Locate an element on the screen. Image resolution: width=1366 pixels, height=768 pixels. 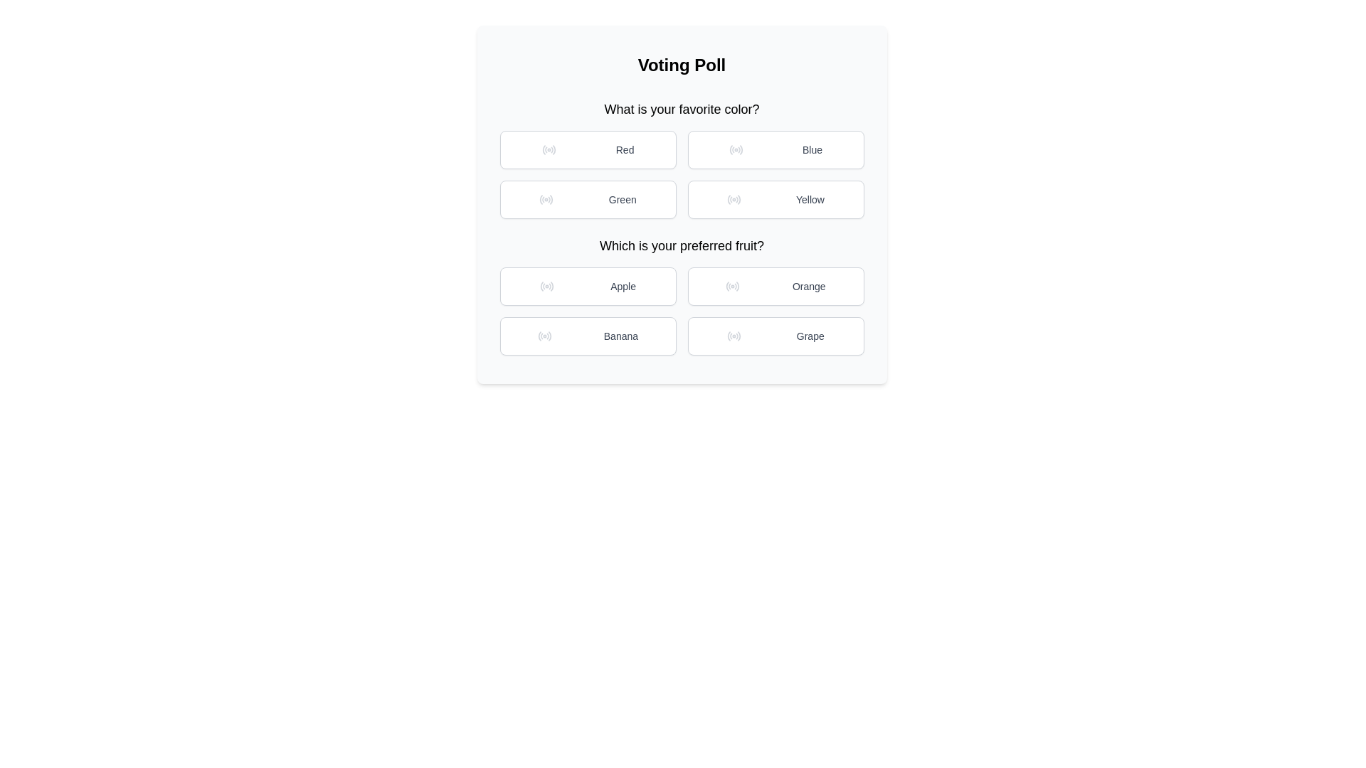
text label that serves as a heading for the selection options, positioned in the upper-middle section of the interface is located at coordinates (681, 245).